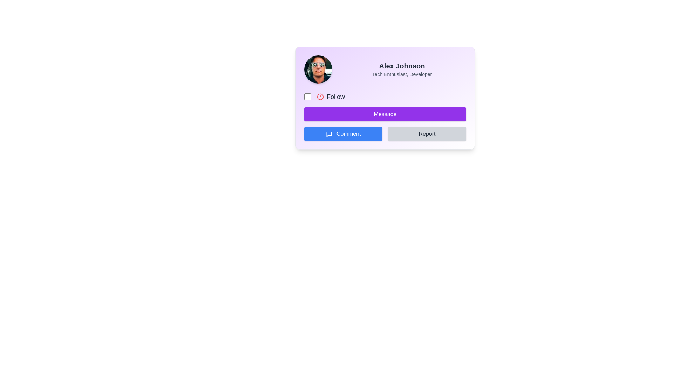  Describe the element at coordinates (427, 134) in the screenshot. I see `the report button located to the right of the 'Comment' button at the bottom of the interface` at that location.